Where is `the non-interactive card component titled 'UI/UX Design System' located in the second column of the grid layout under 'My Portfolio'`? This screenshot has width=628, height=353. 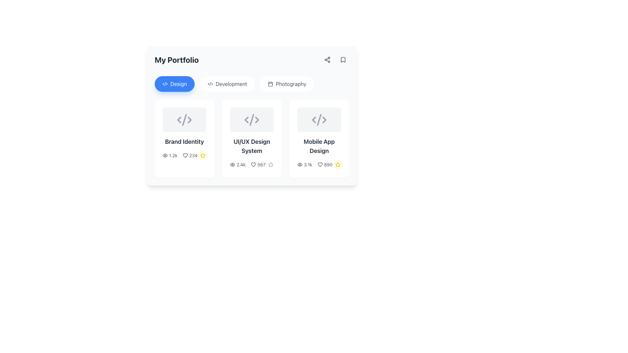 the non-interactive card component titled 'UI/UX Design System' located in the second column of the grid layout under 'My Portfolio' is located at coordinates (251, 138).